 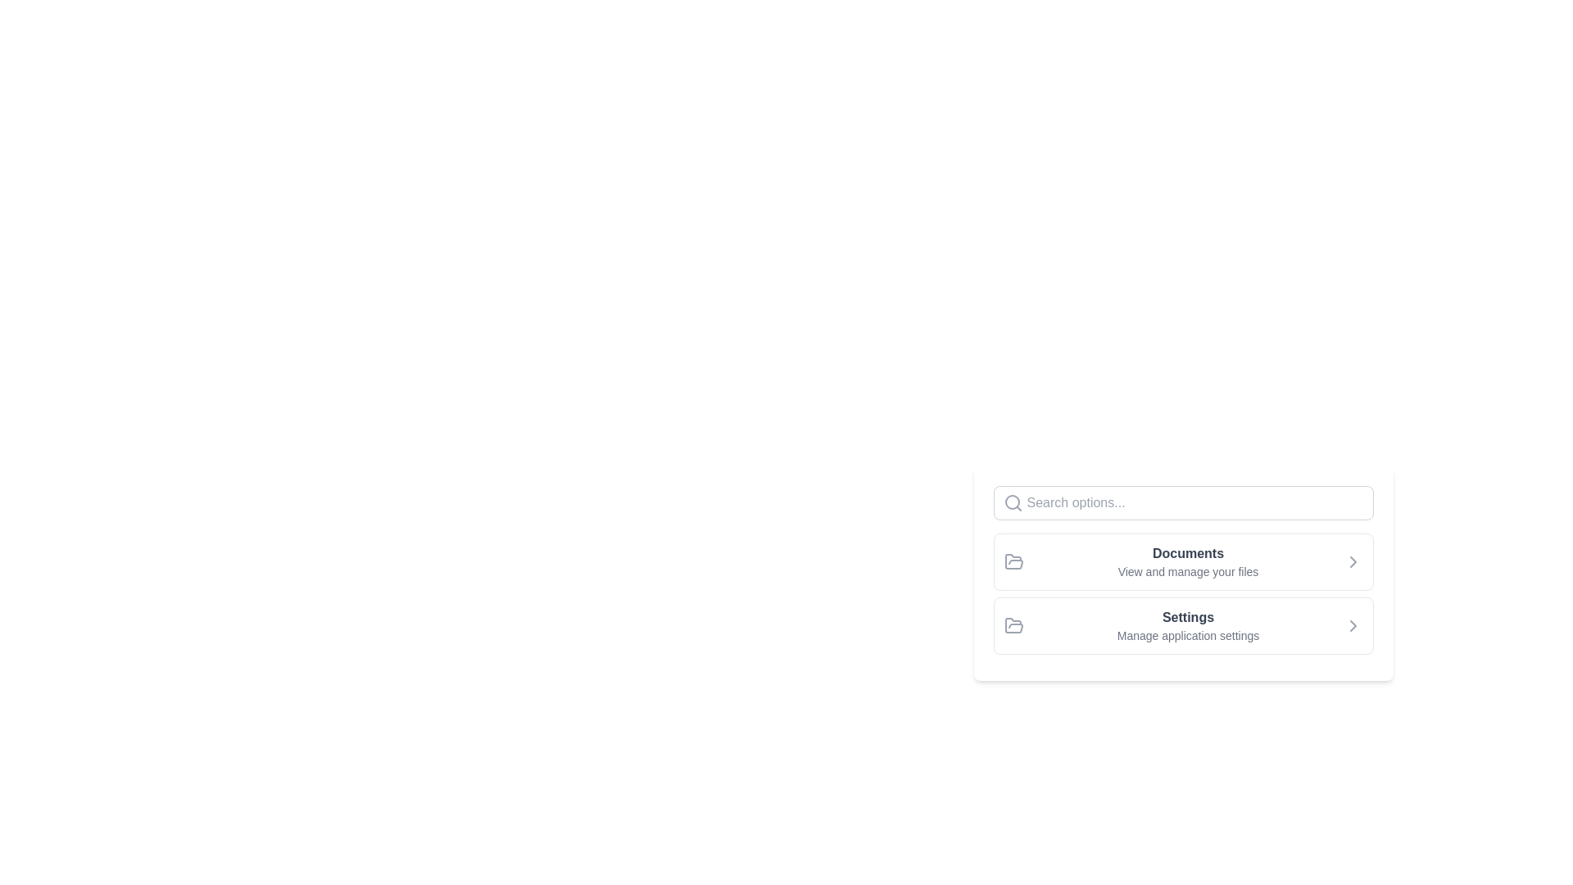 What do you see at coordinates (1013, 561) in the screenshot?
I see `folder icon located to the left of the 'Documents' menu item, which serves as a visual representation of the folder` at bounding box center [1013, 561].